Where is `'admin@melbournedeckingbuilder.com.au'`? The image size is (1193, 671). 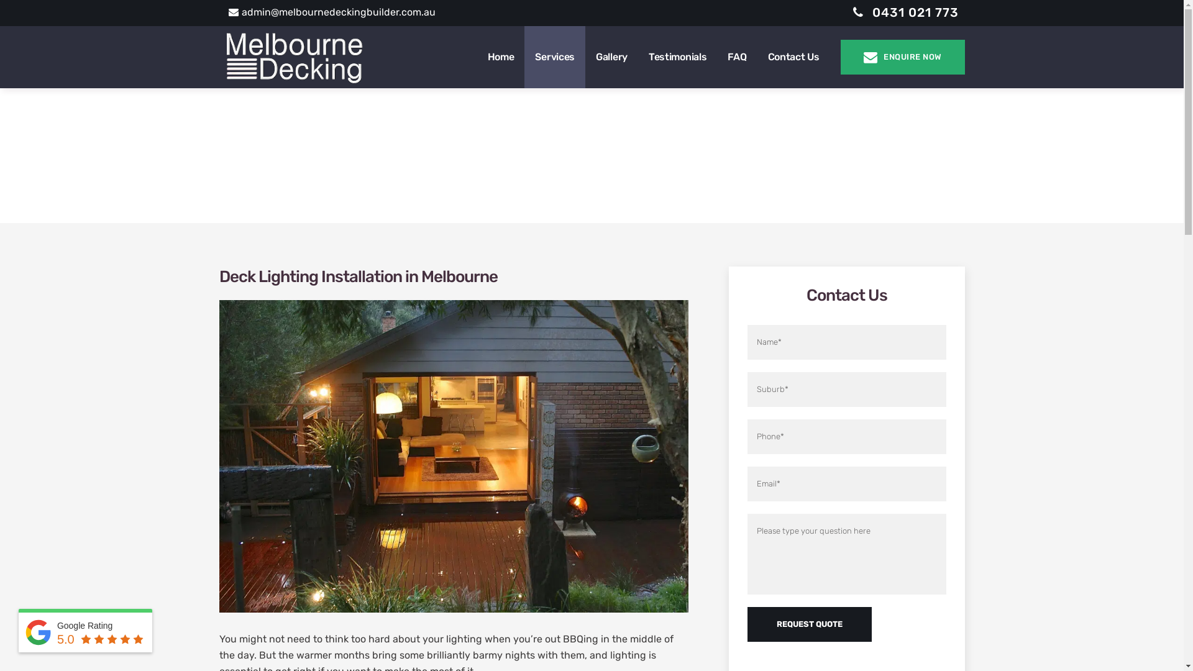
'admin@melbournedeckingbuilder.com.au' is located at coordinates (332, 12).